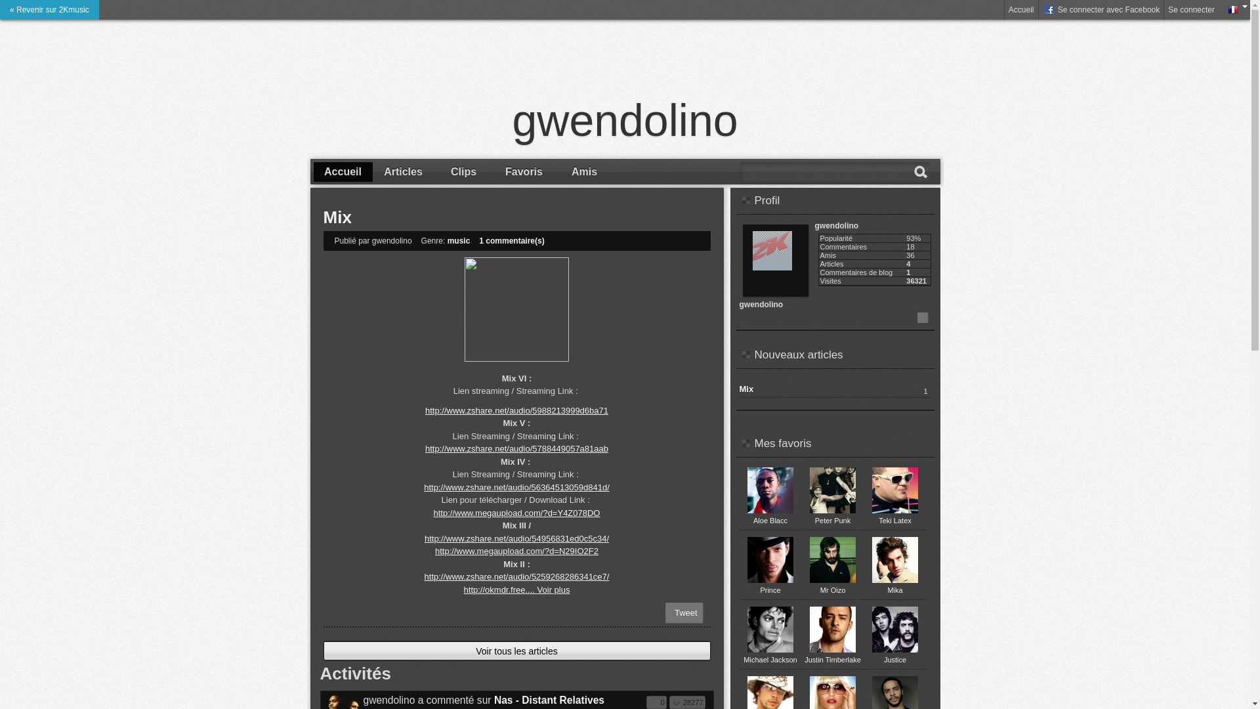 This screenshot has height=709, width=1260. What do you see at coordinates (516, 512) in the screenshot?
I see `'http://www.megaupload.com/?d=Y4Z078DO'` at bounding box center [516, 512].